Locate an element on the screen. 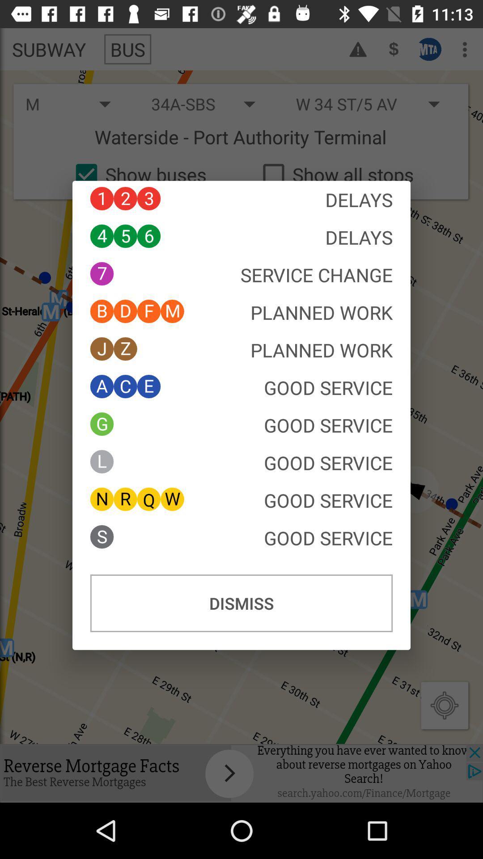 This screenshot has width=483, height=859. the app below the good service app is located at coordinates (241, 603).